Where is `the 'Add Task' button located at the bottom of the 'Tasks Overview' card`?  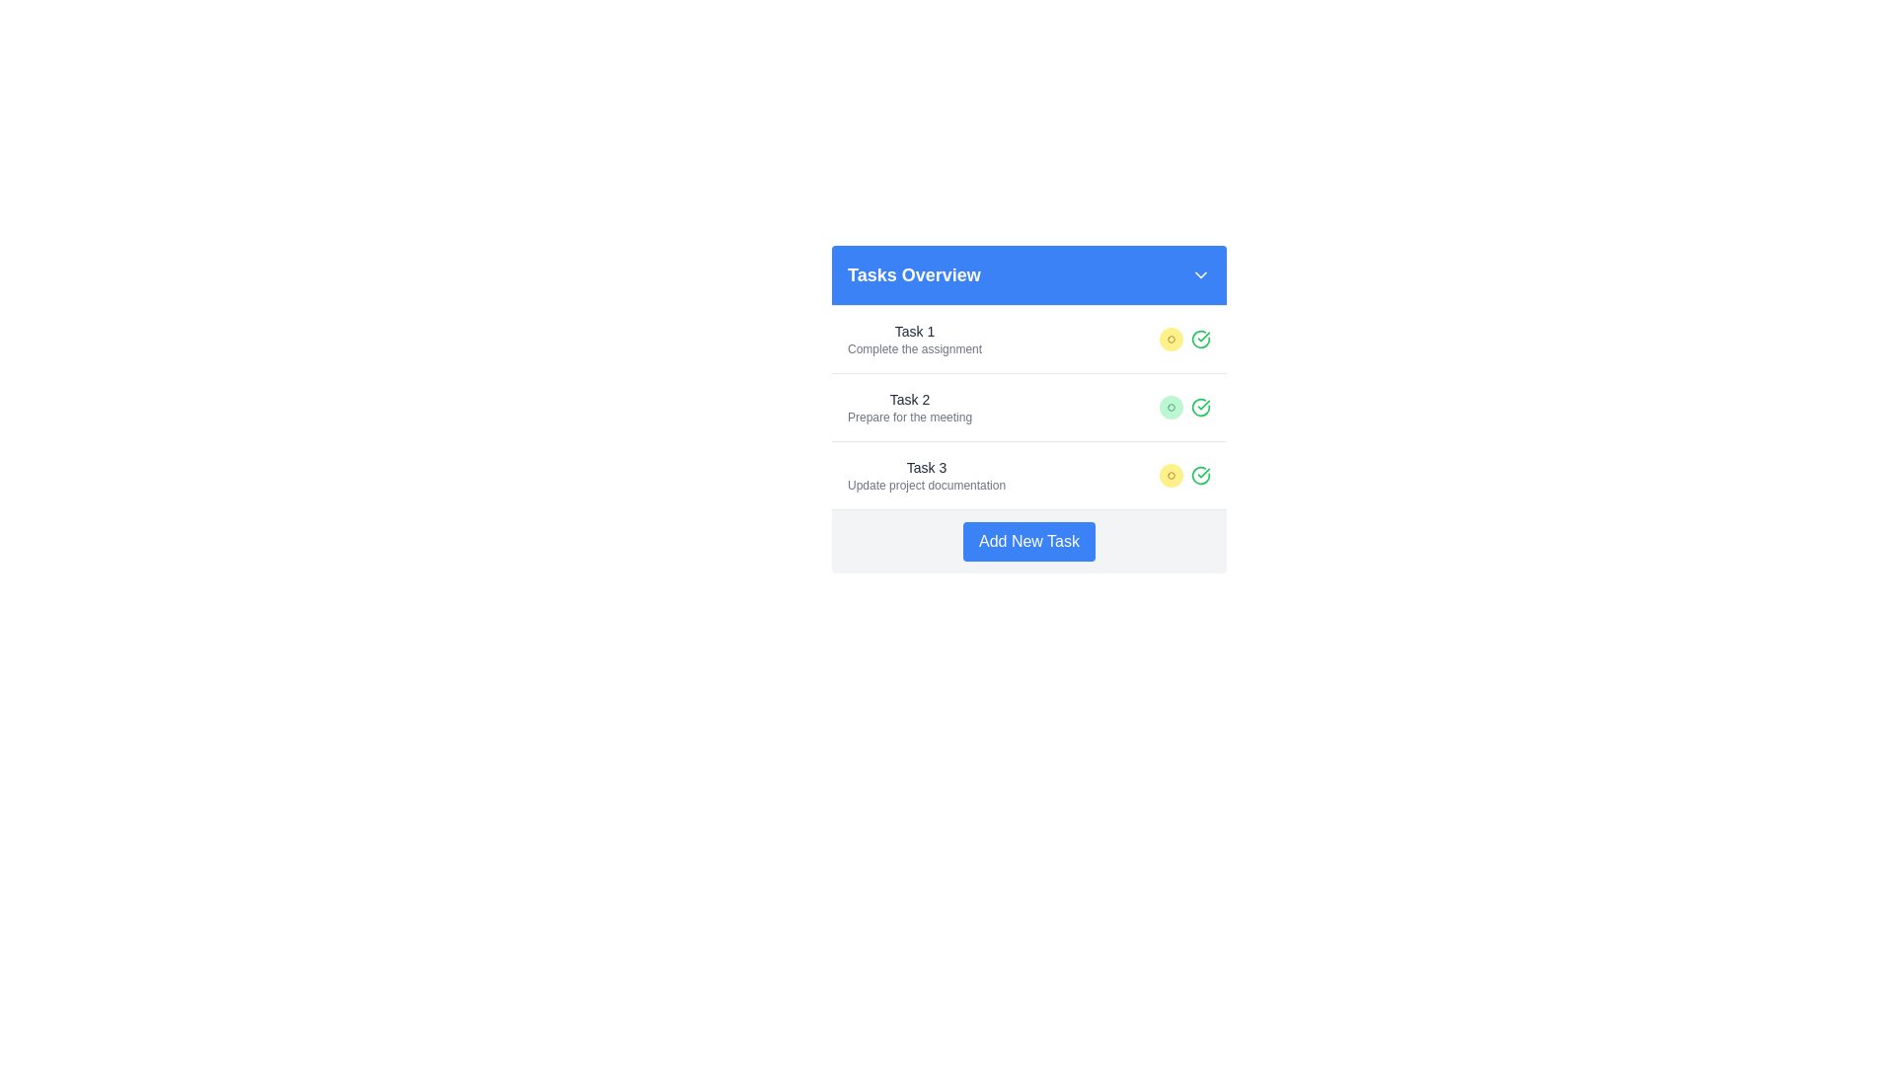 the 'Add Task' button located at the bottom of the 'Tasks Overview' card is located at coordinates (1027, 541).